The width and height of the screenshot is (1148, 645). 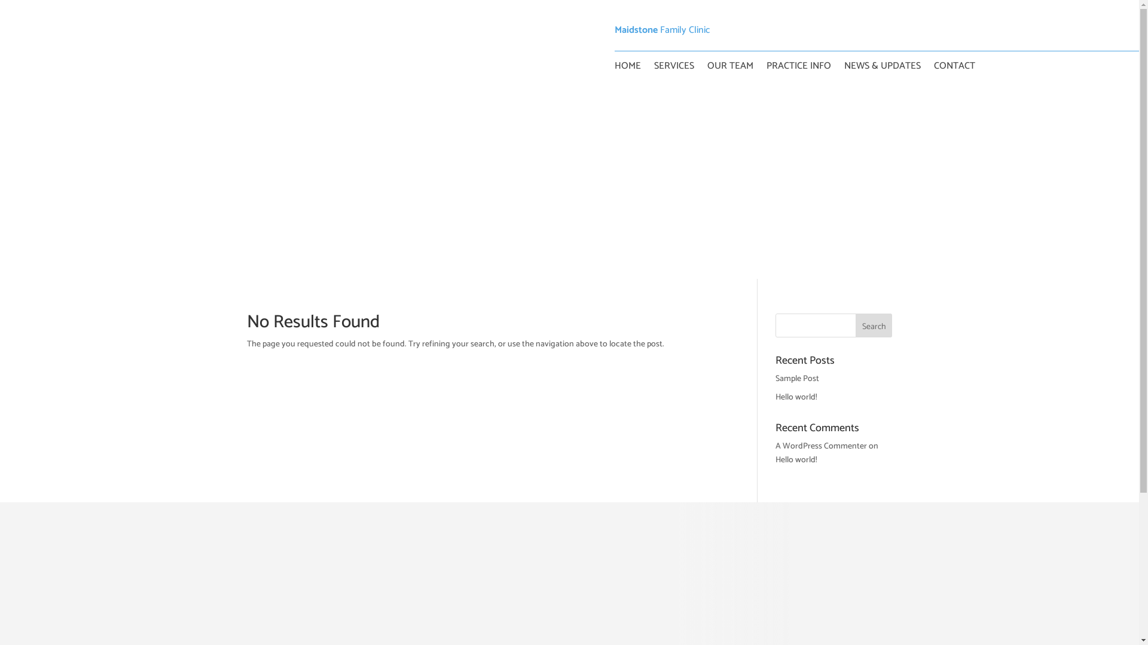 I want to click on 'Hello world!', so click(x=775, y=397).